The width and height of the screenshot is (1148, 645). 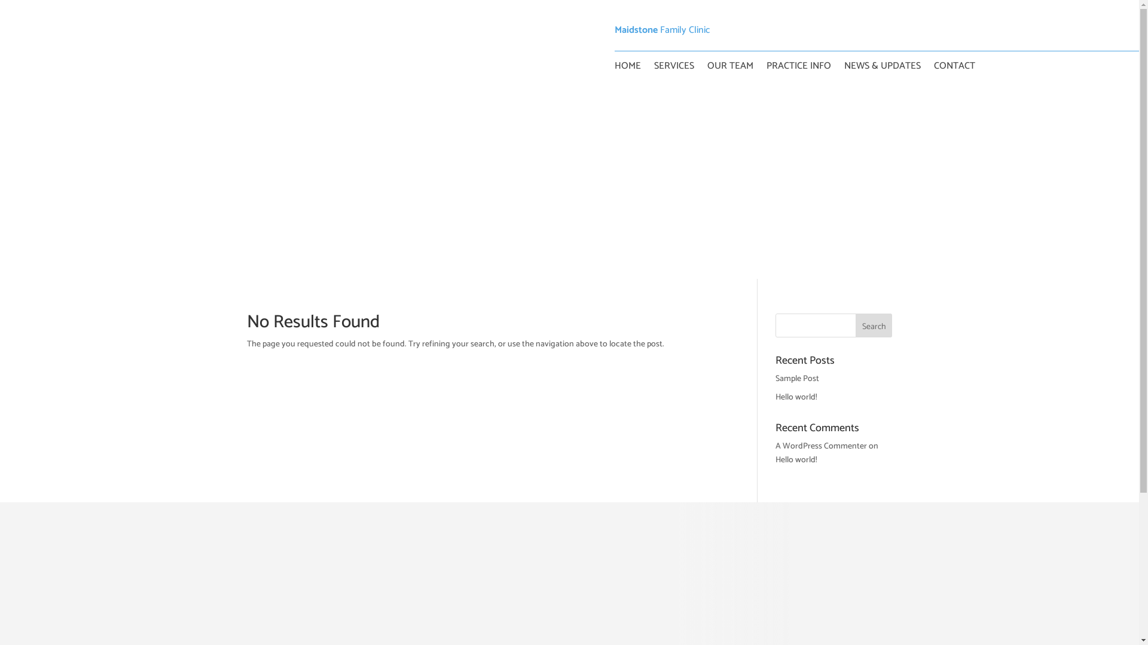 I want to click on 'Hello world!', so click(x=775, y=397).